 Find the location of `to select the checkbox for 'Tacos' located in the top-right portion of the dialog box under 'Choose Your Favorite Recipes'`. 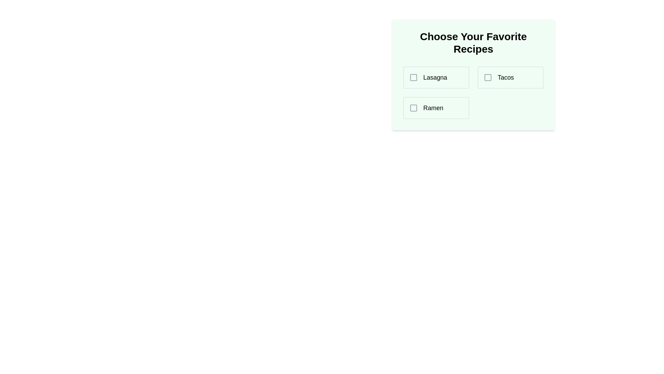

to select the checkbox for 'Tacos' located in the top-right portion of the dialog box under 'Choose Your Favorite Recipes' is located at coordinates (488, 77).